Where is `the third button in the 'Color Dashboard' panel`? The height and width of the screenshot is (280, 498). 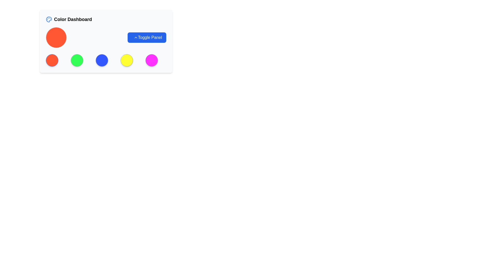 the third button in the 'Color Dashboard' panel is located at coordinates (106, 60).